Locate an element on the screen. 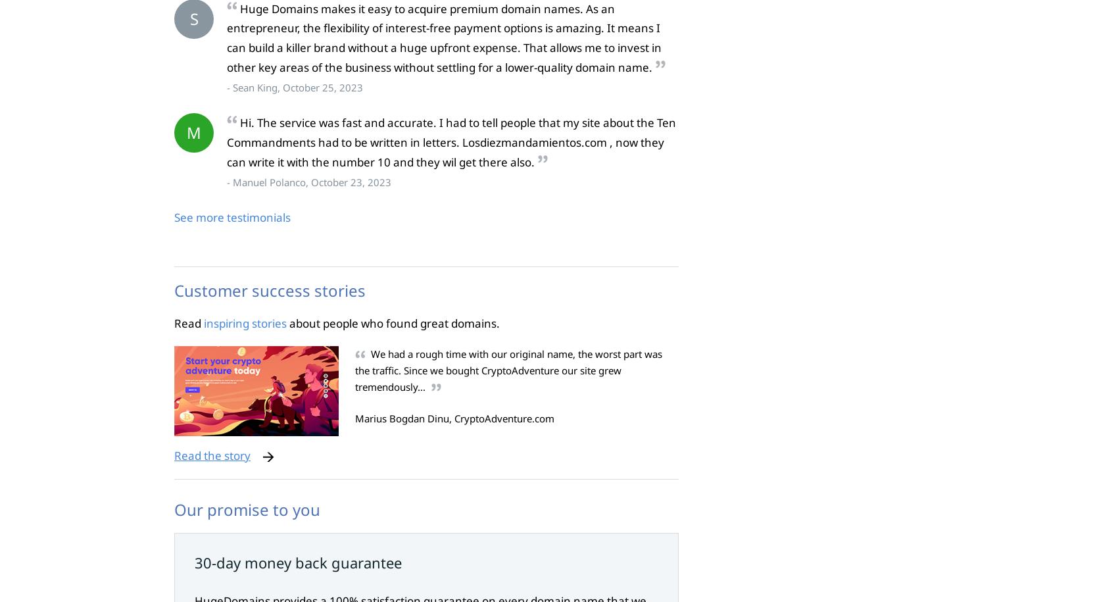 The image size is (1118, 602). 'Customer success stories' is located at coordinates (174, 289).